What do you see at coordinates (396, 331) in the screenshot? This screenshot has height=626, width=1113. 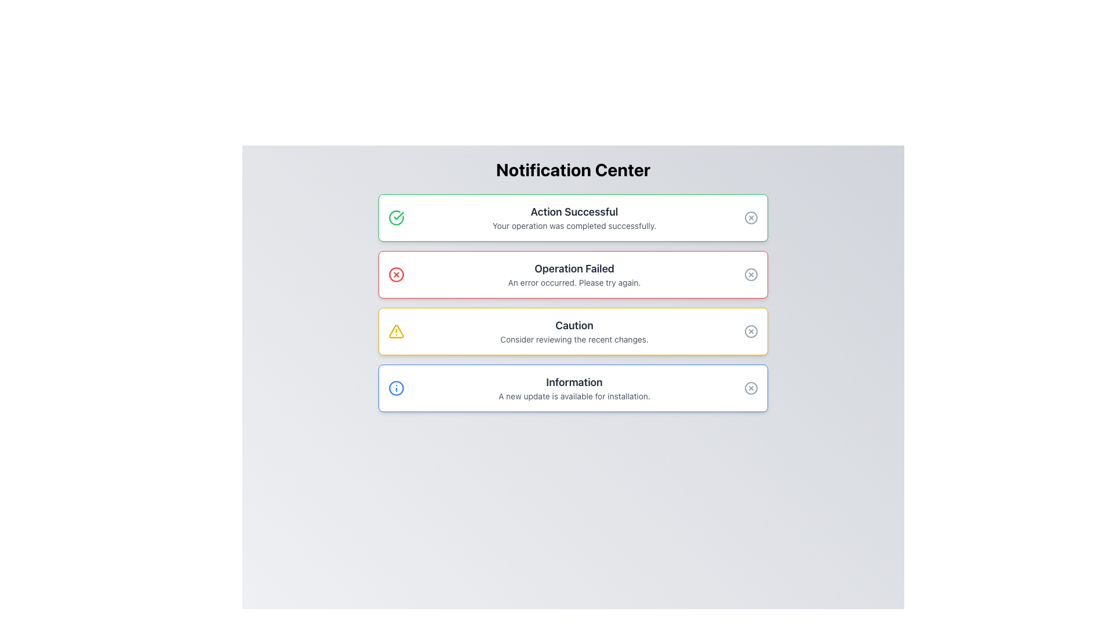 I see `the caution icon located in the third row of the notification list, aligned to the left of the caution text` at bounding box center [396, 331].